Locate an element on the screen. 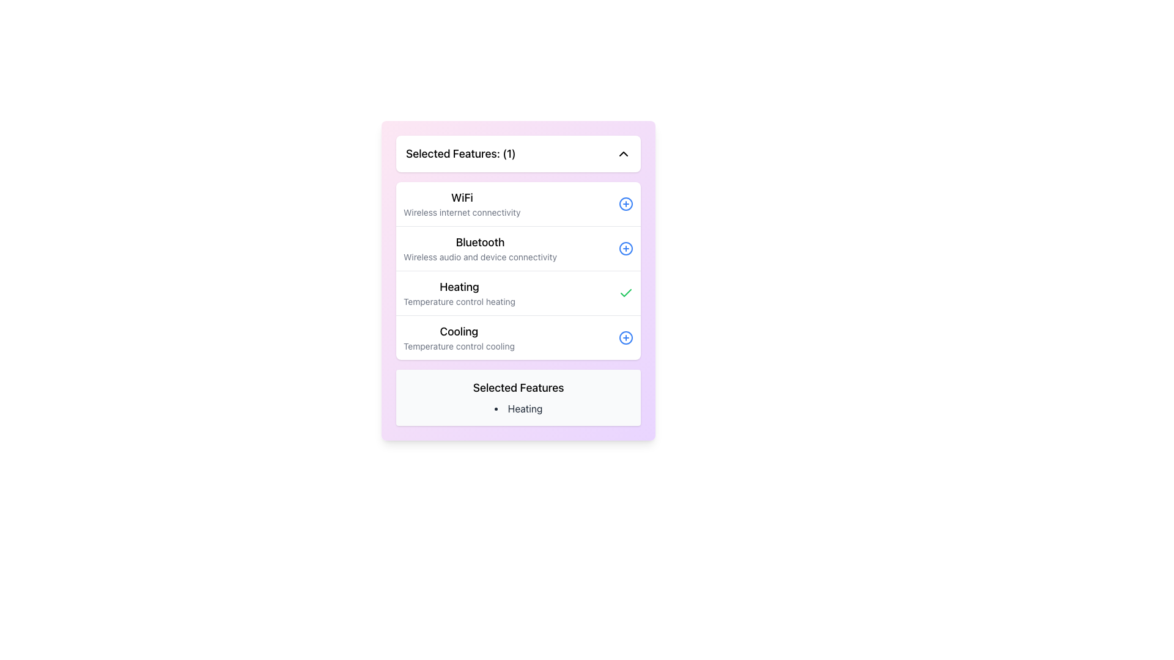  the control button icon for the 'Cooling' feature located at the bottom of the feature list is located at coordinates (626, 337).